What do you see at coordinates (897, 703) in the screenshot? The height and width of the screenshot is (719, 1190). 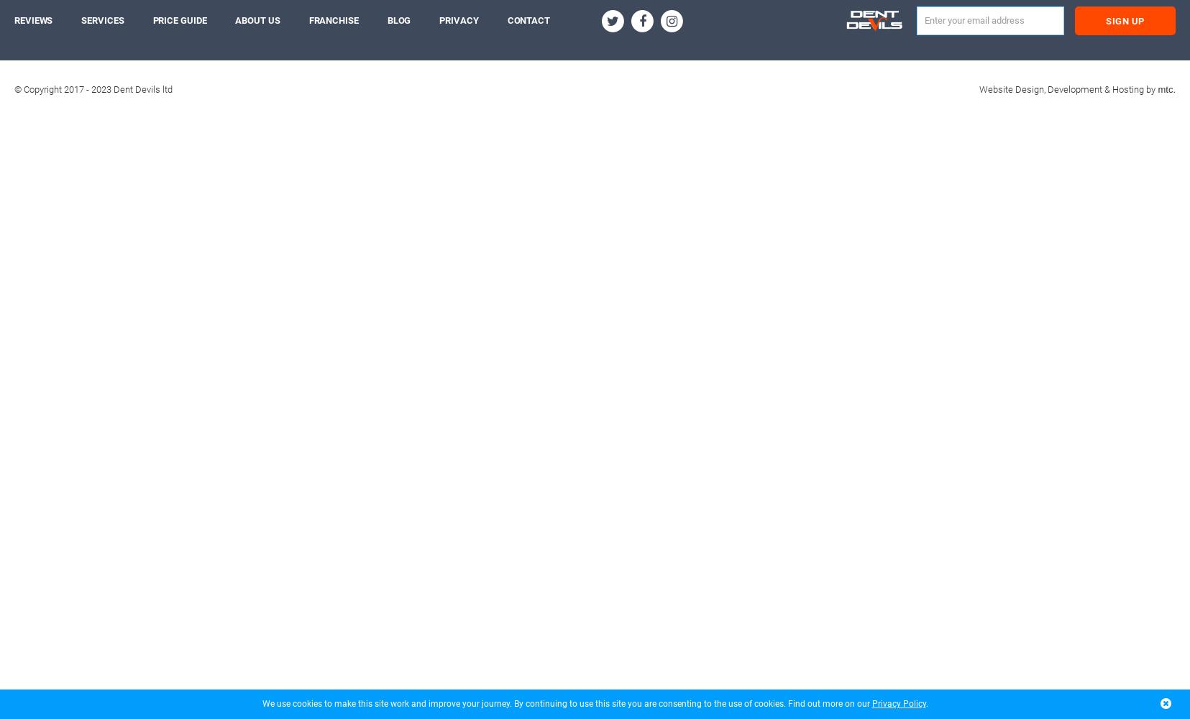 I see `'Privacy Policy'` at bounding box center [897, 703].